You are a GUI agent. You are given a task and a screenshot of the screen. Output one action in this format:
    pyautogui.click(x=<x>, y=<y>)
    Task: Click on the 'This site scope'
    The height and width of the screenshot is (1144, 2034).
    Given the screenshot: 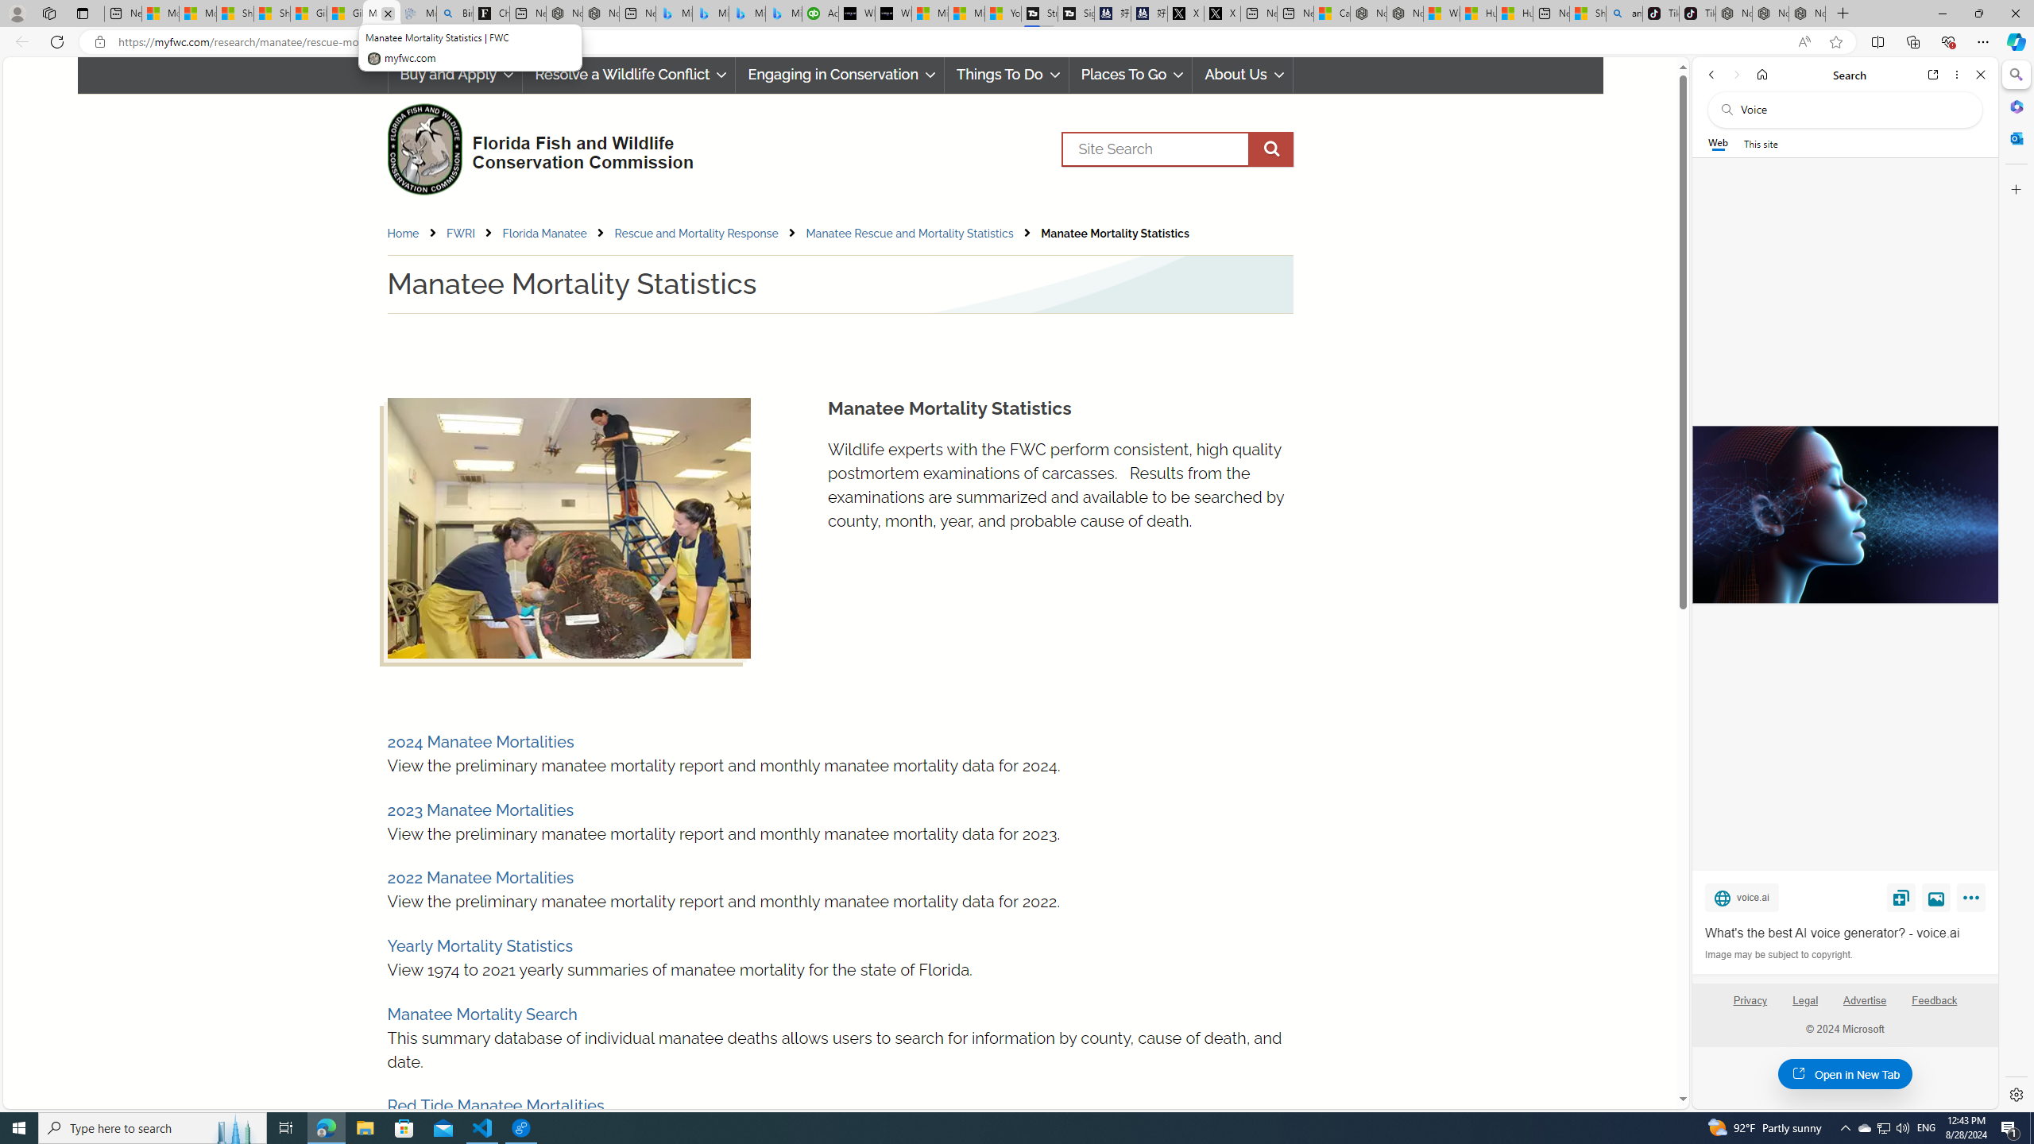 What is the action you would take?
    pyautogui.click(x=1759, y=143)
    